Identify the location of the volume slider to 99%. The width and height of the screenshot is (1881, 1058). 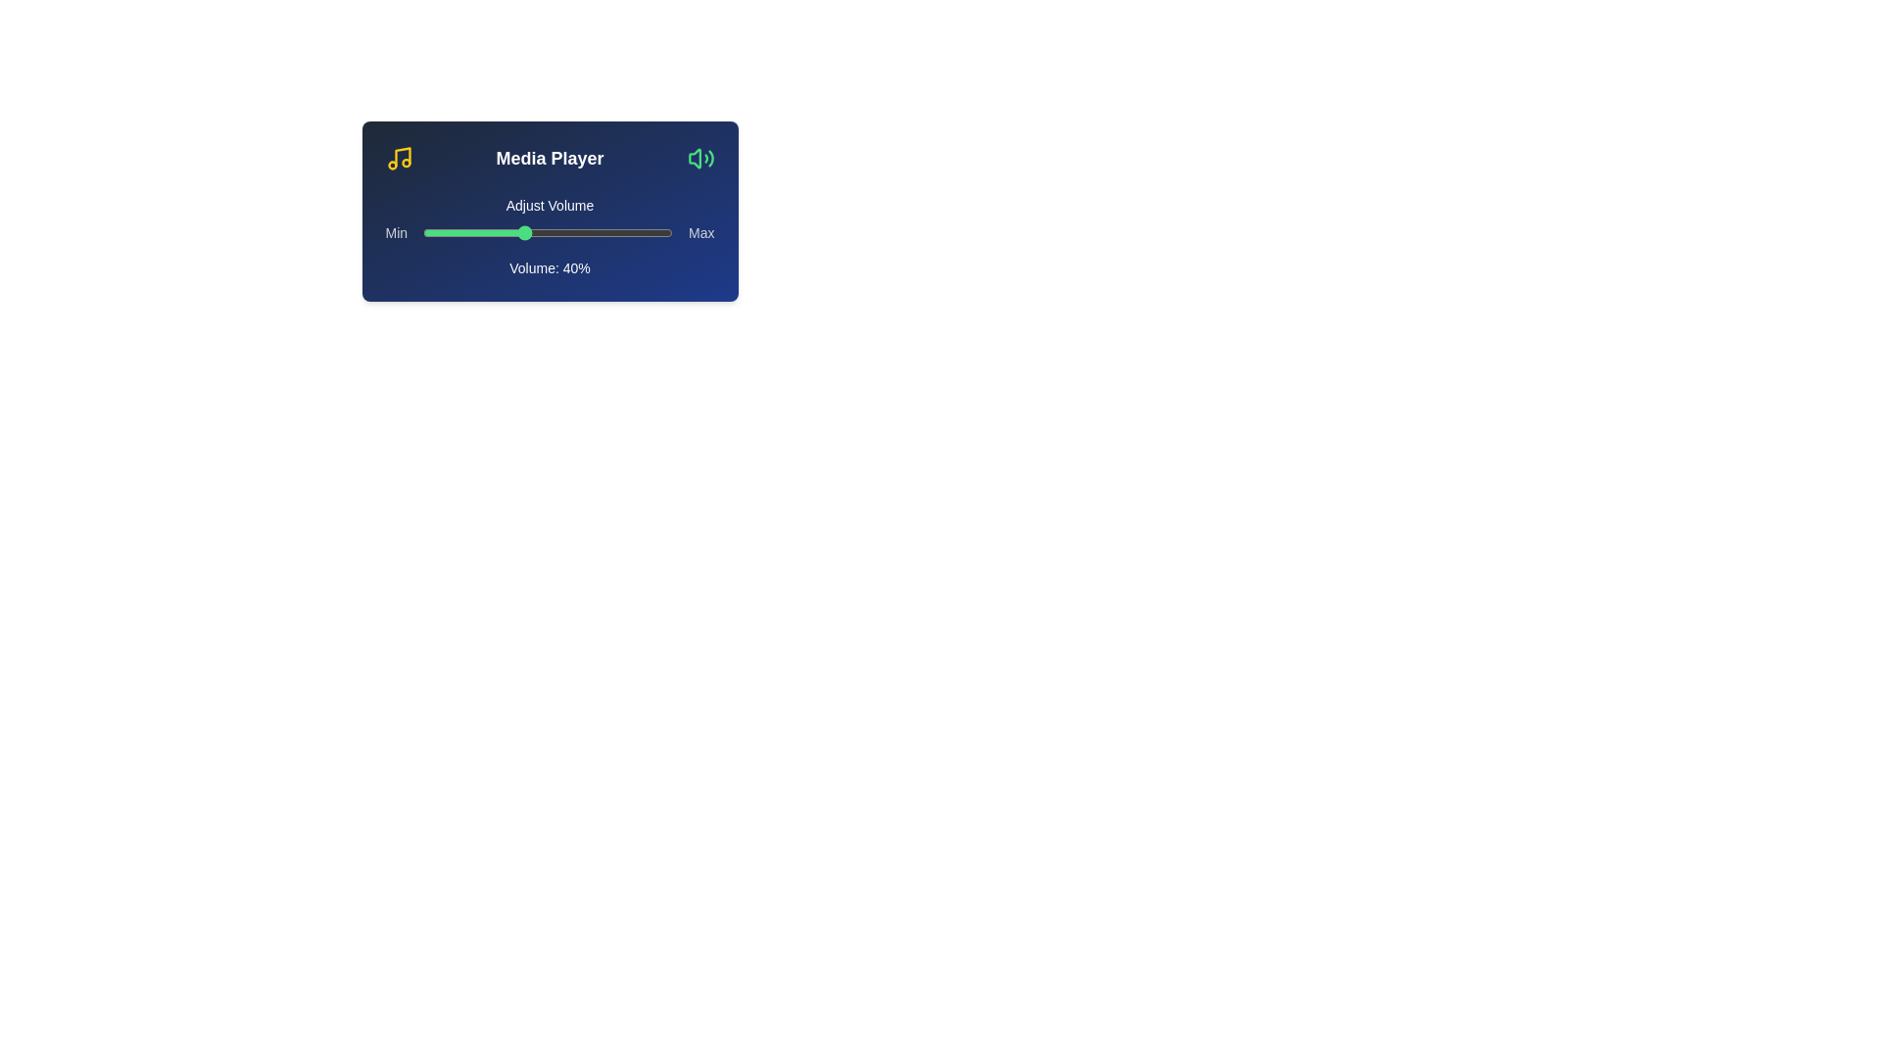
(670, 232).